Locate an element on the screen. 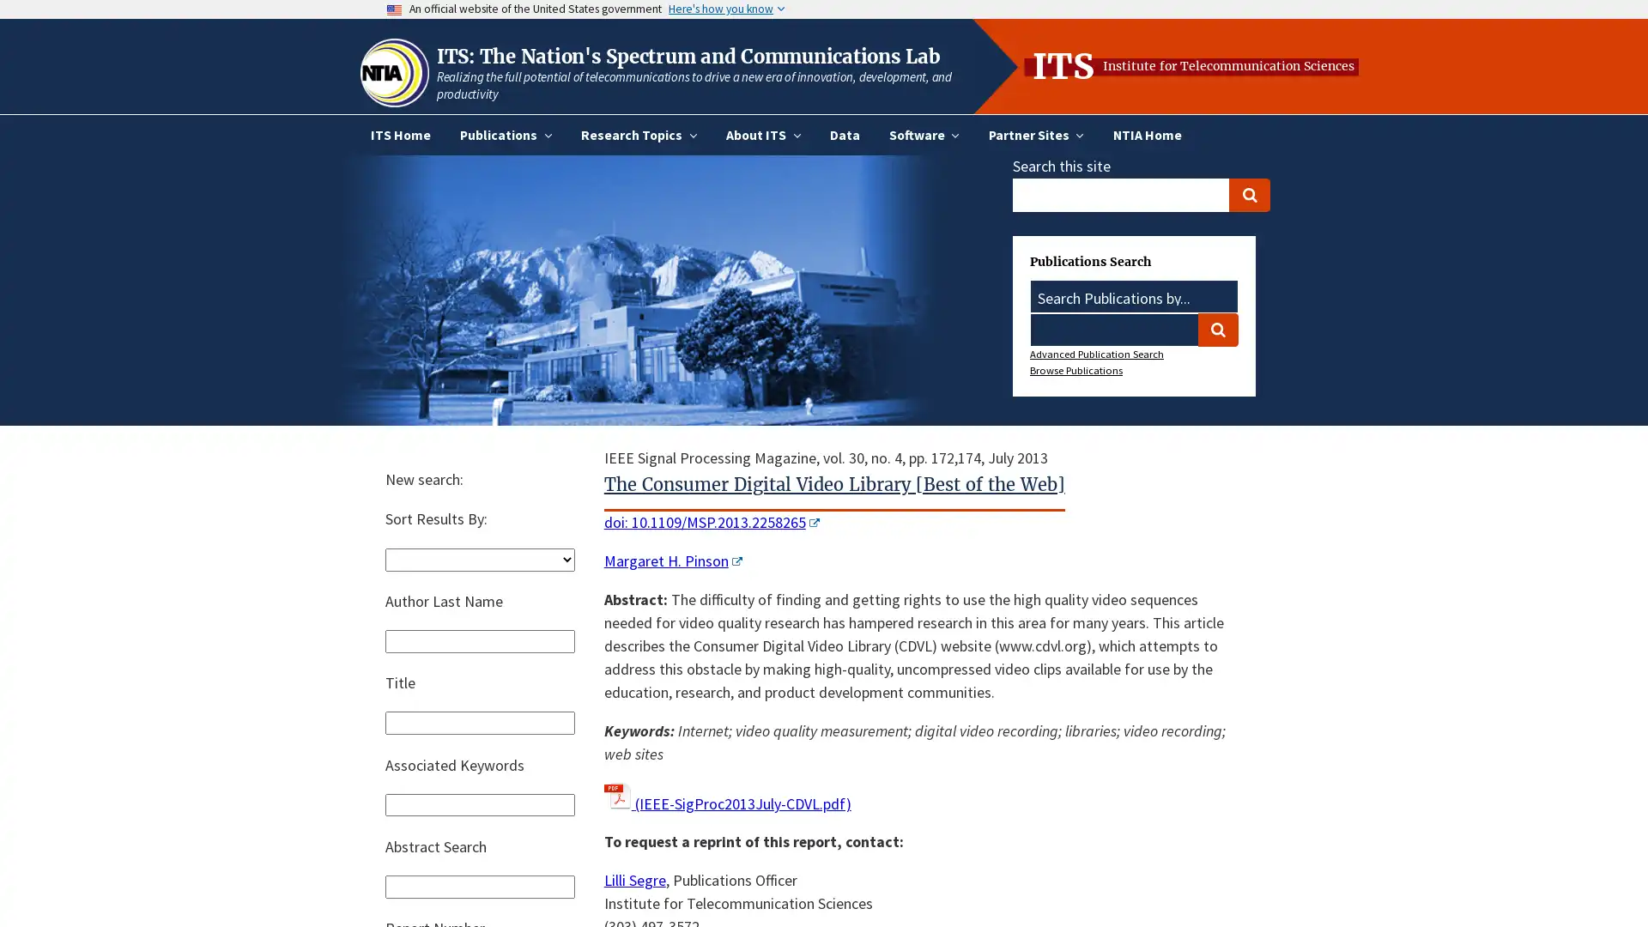 The height and width of the screenshot is (927, 1648). About ITS is located at coordinates (761, 134).